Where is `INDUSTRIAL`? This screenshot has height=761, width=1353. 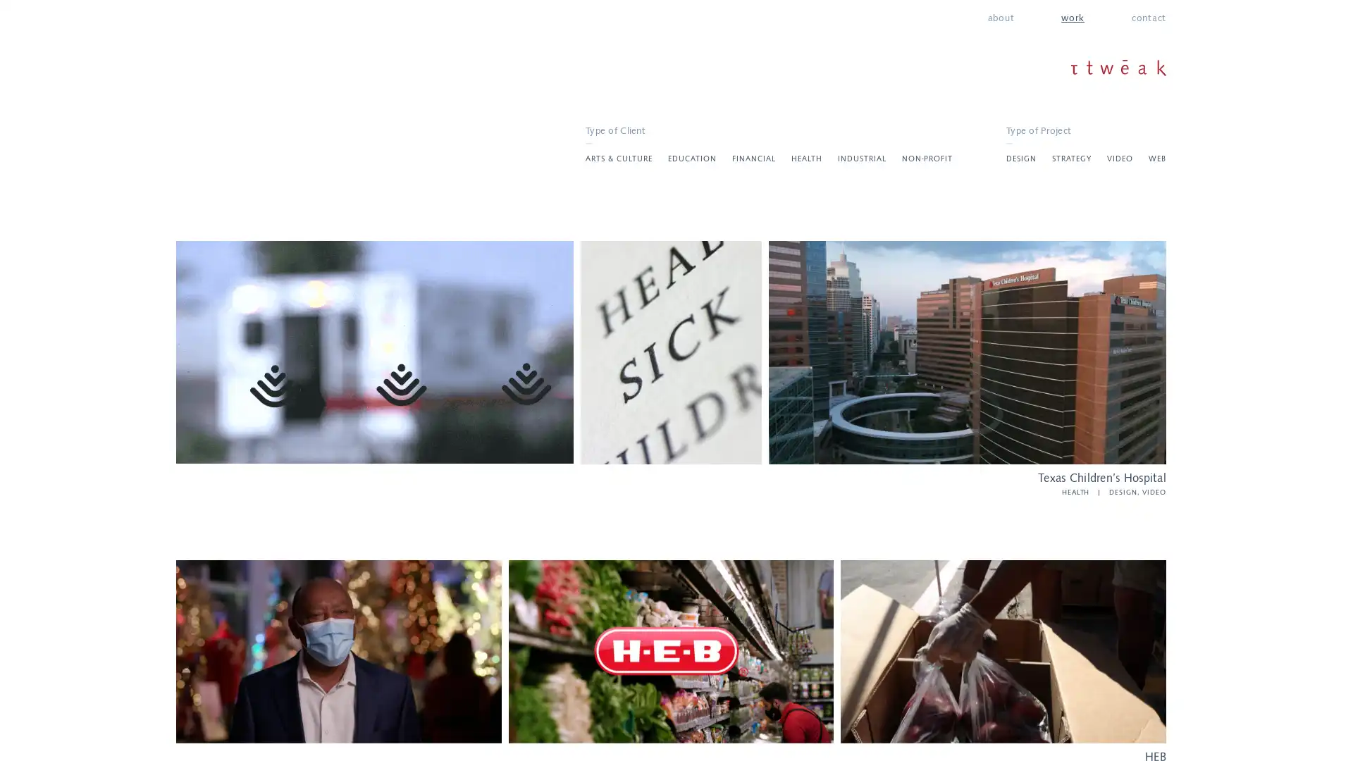
INDUSTRIAL is located at coordinates (861, 159).